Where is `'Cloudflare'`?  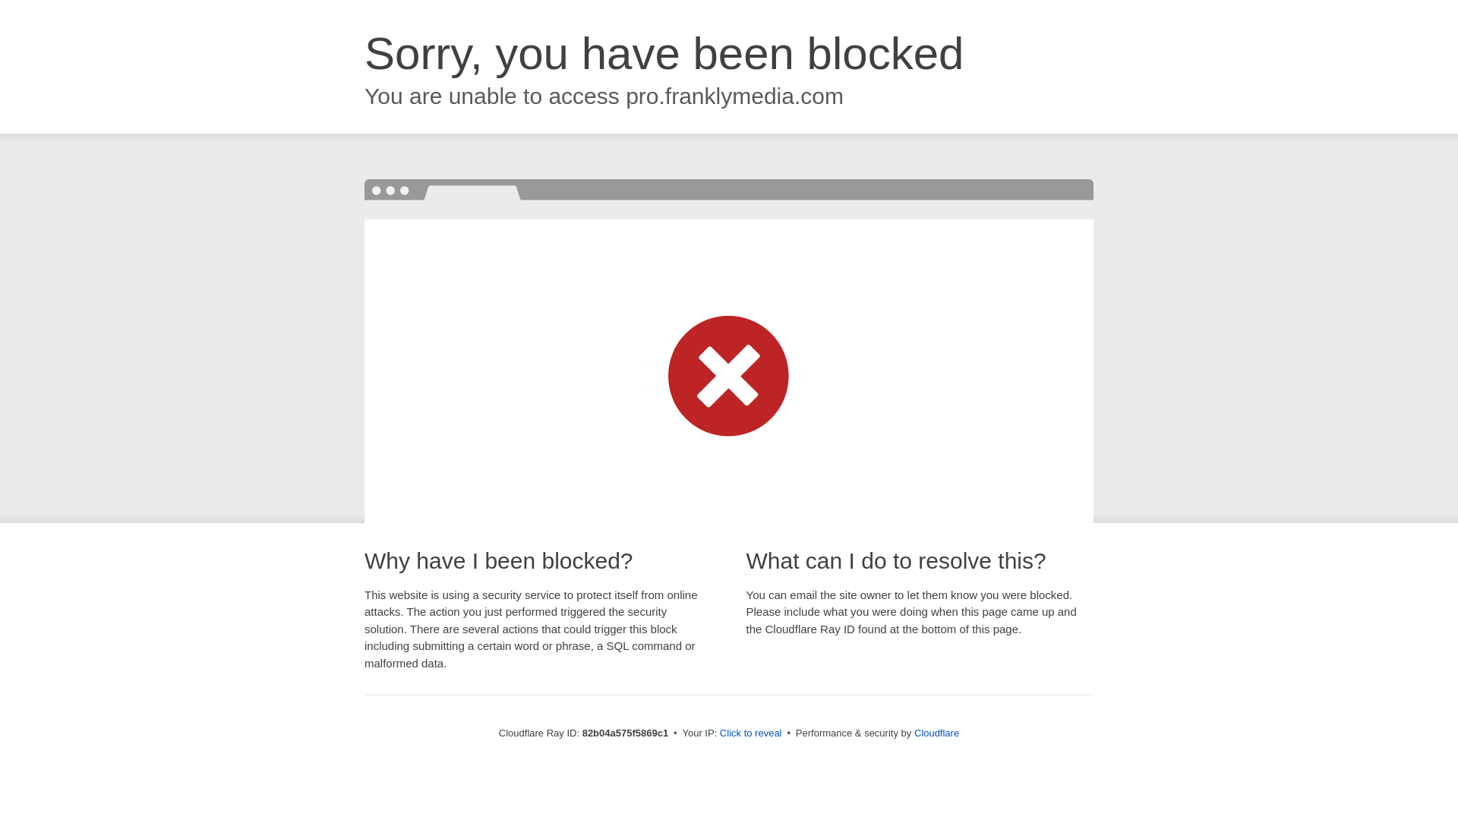 'Cloudflare' is located at coordinates (936, 732).